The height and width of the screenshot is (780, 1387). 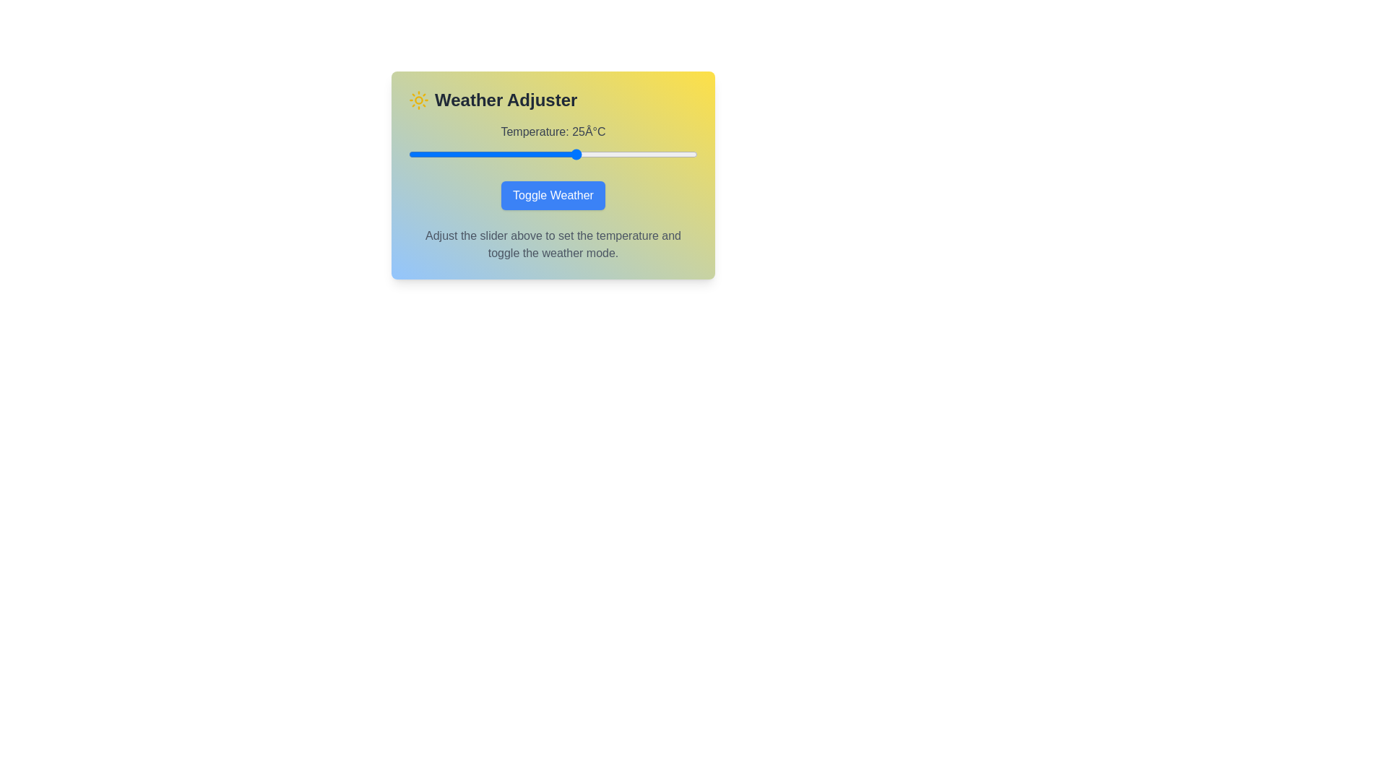 I want to click on the temperature slider to set the temperature to 45°C, so click(x=673, y=154).